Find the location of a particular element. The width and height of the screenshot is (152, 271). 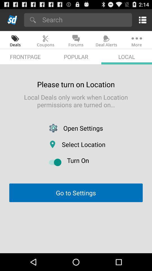

opens the search box is located at coordinates (85, 19).